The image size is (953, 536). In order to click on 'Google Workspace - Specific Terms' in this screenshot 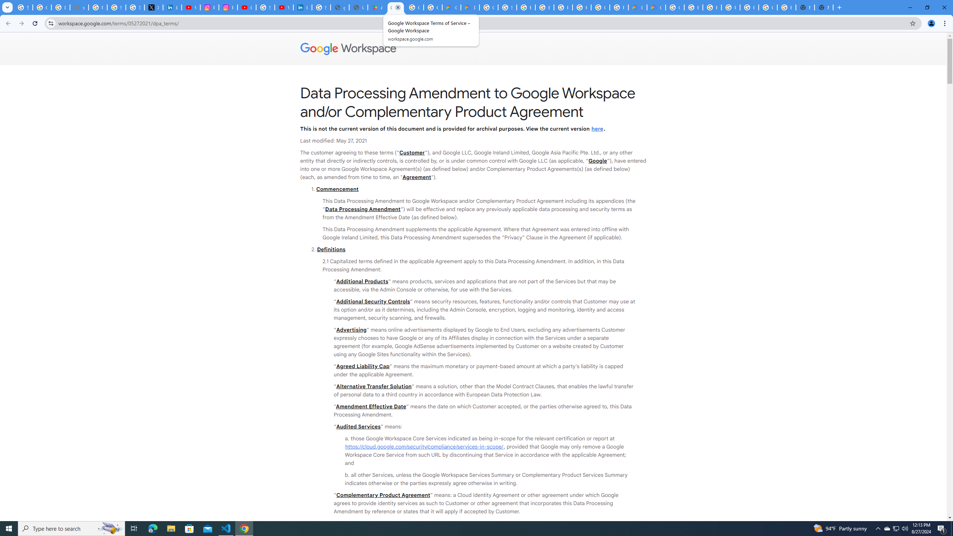, I will do `click(414, 7)`.